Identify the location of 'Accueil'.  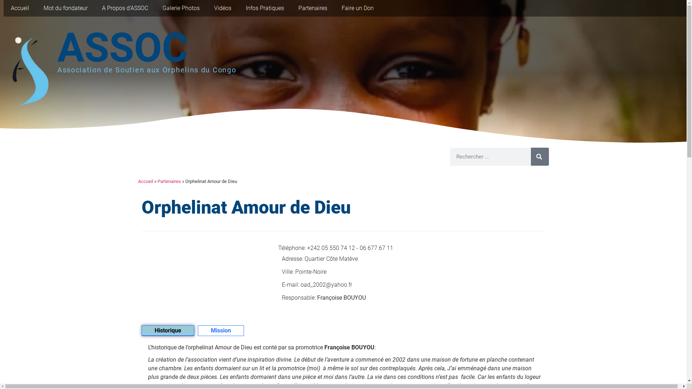
(20, 8).